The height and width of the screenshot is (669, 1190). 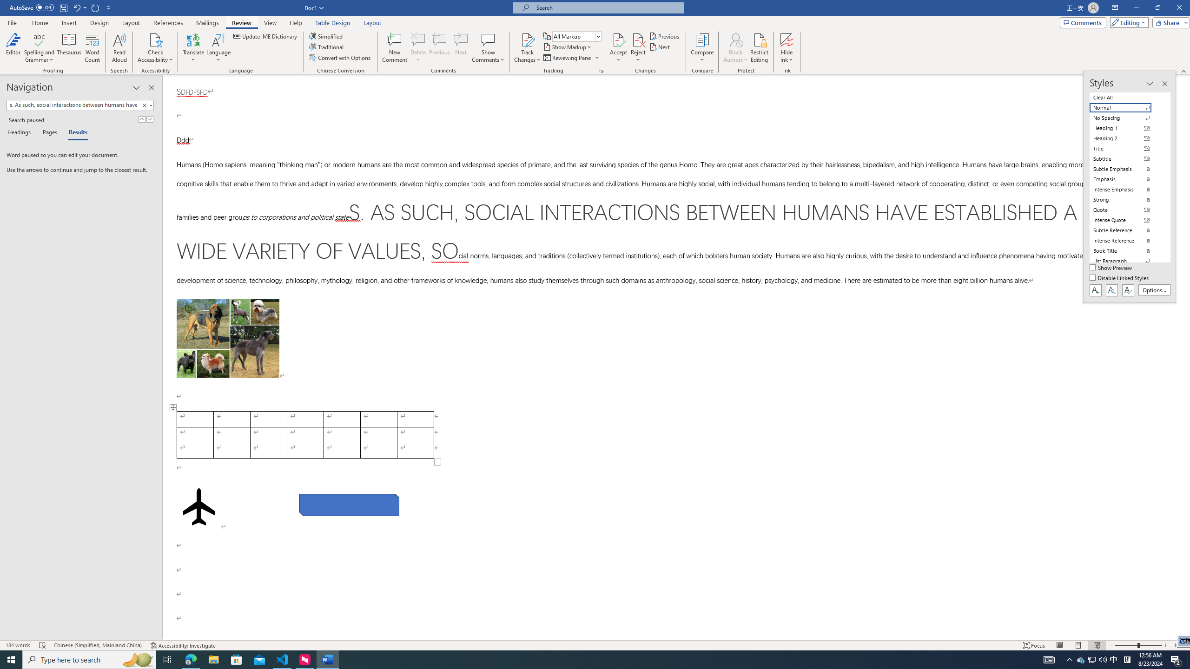 What do you see at coordinates (79, 7) in the screenshot?
I see `'Undo Style'` at bounding box center [79, 7].